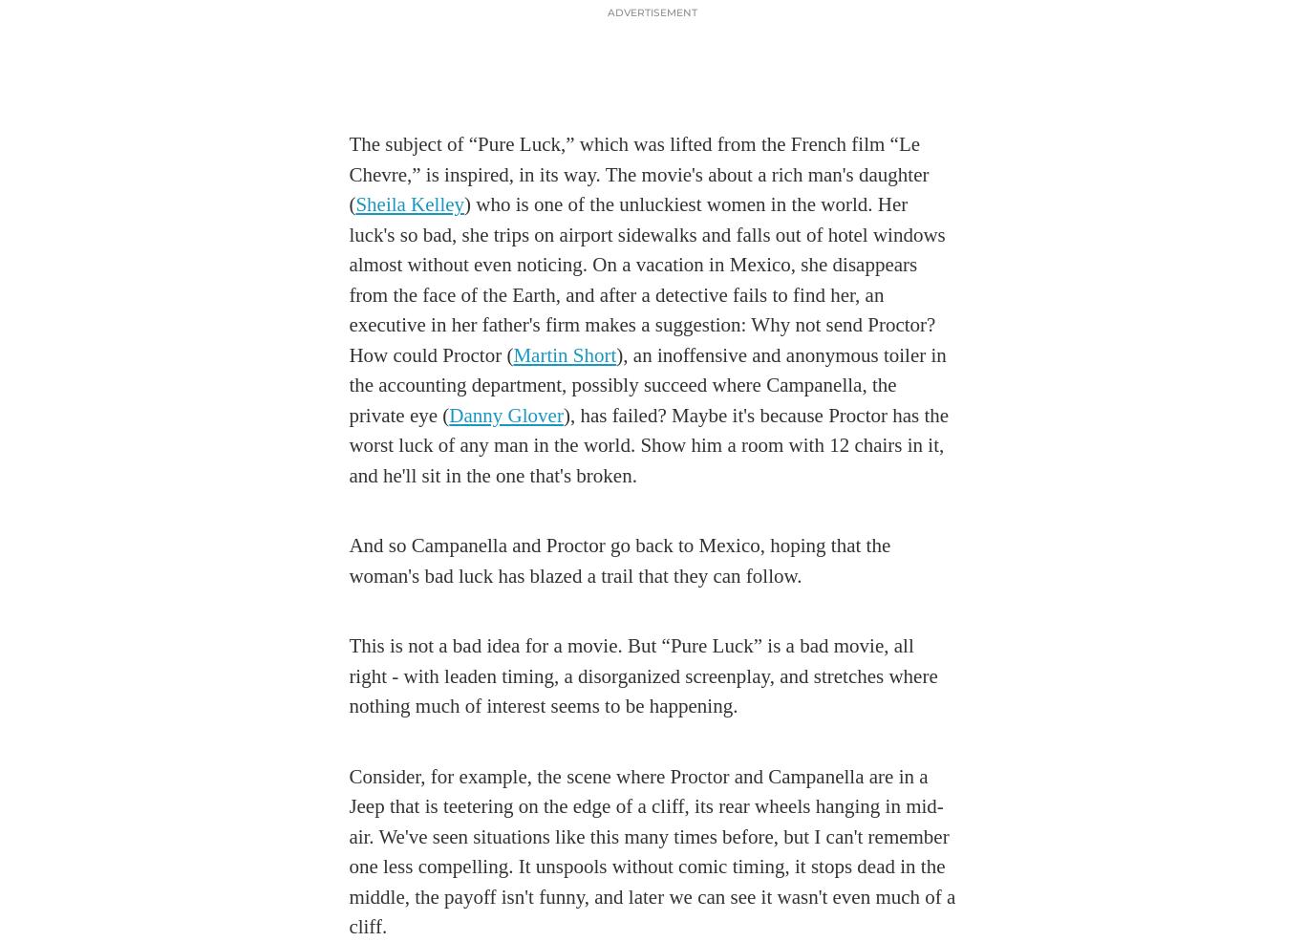 The image size is (1305, 942). Describe the element at coordinates (651, 850) in the screenshot. I see `'Consider, for example, the scene where Proctor and Campanella are in a Jeep that is teetering on the edge of a cliff, its rear wheels hanging in mid-air. We've seen situations like this many times before, but I can't remember one less compelling. It unspools without comic timing, it stops dead in the middle, the payoff isn't funny, and later we can see it wasn't even much of a cliff.'` at that location.